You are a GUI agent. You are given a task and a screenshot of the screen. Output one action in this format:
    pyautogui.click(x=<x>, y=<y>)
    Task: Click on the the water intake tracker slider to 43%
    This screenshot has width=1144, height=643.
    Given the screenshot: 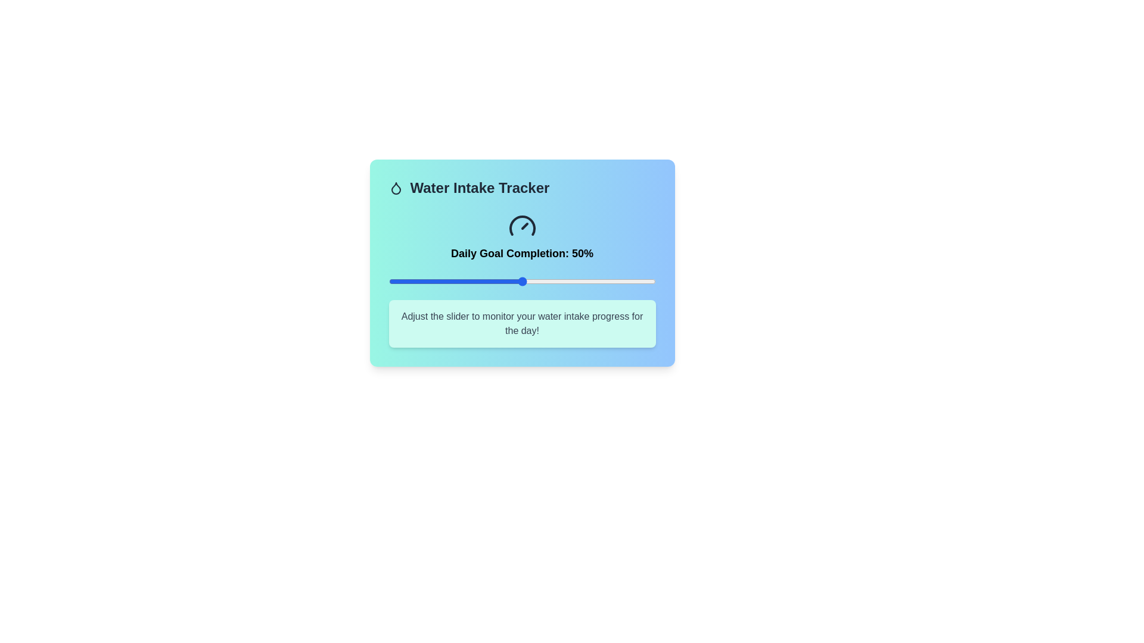 What is the action you would take?
    pyautogui.click(x=503, y=282)
    